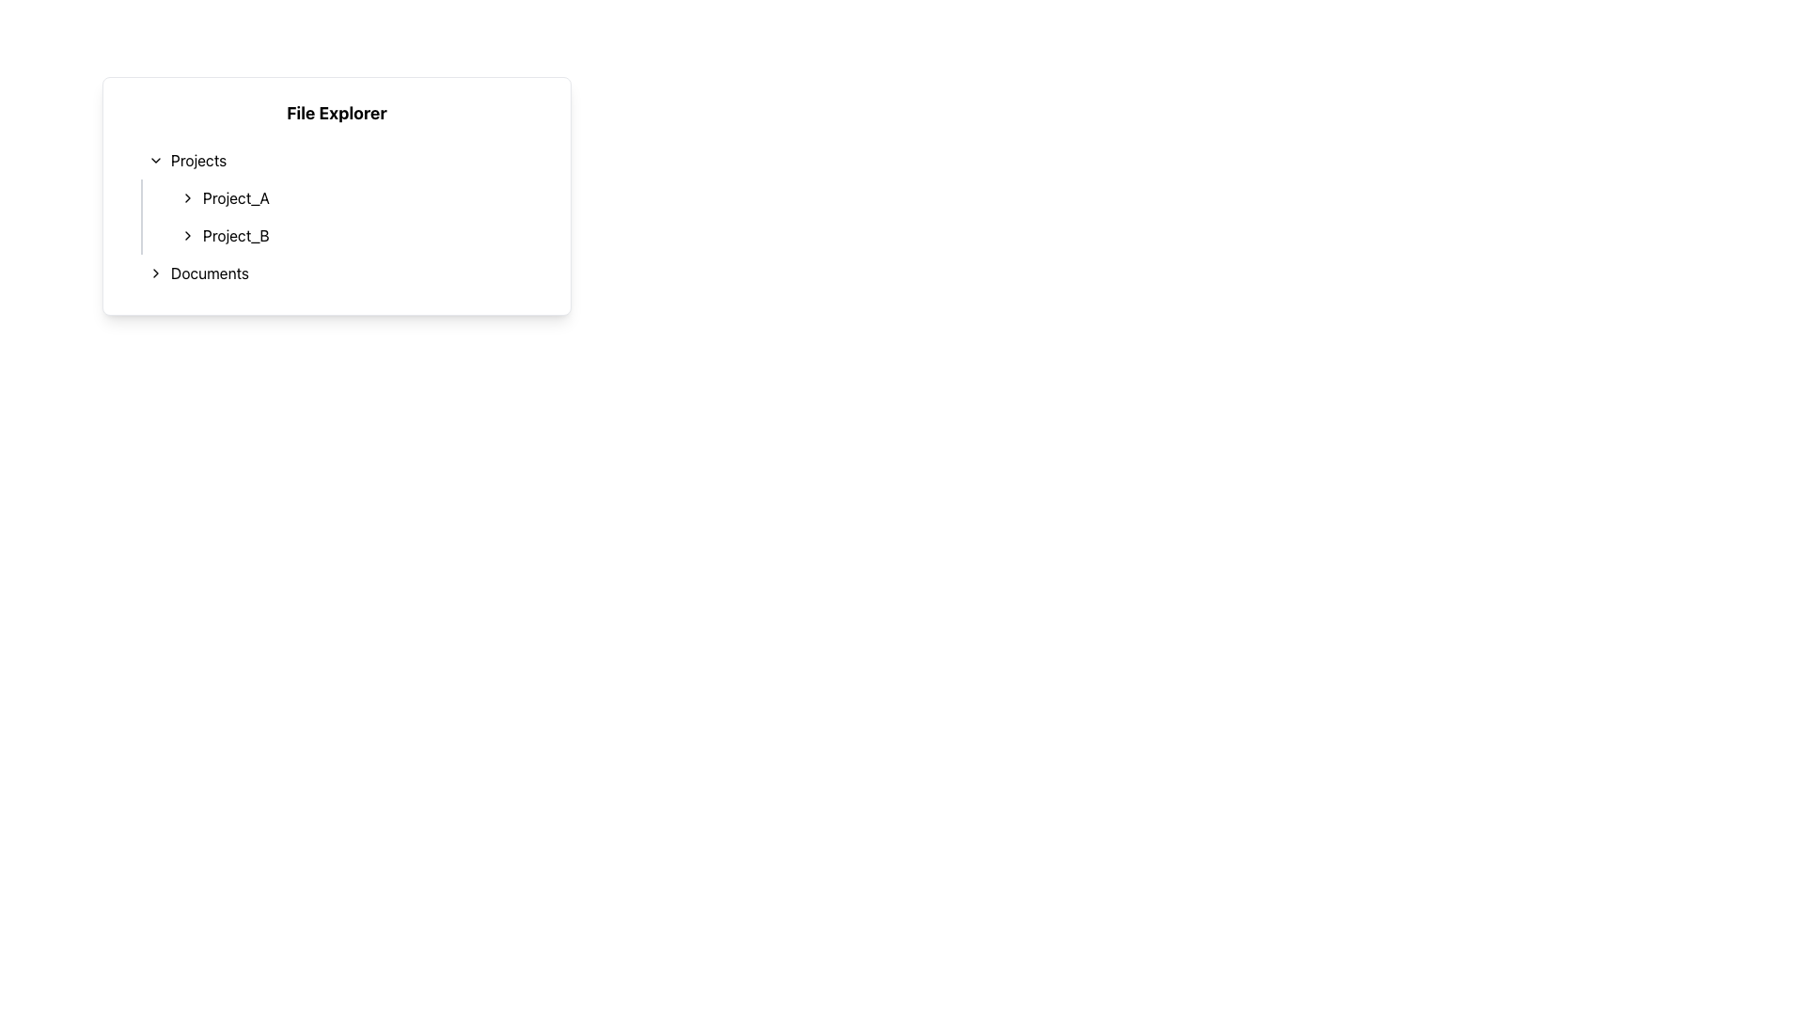 The width and height of the screenshot is (1805, 1015). Describe the element at coordinates (235, 234) in the screenshot. I see `the text label element displaying 'Project_B' in the 'Projects' section of the 'File Explorer' interface` at that location.